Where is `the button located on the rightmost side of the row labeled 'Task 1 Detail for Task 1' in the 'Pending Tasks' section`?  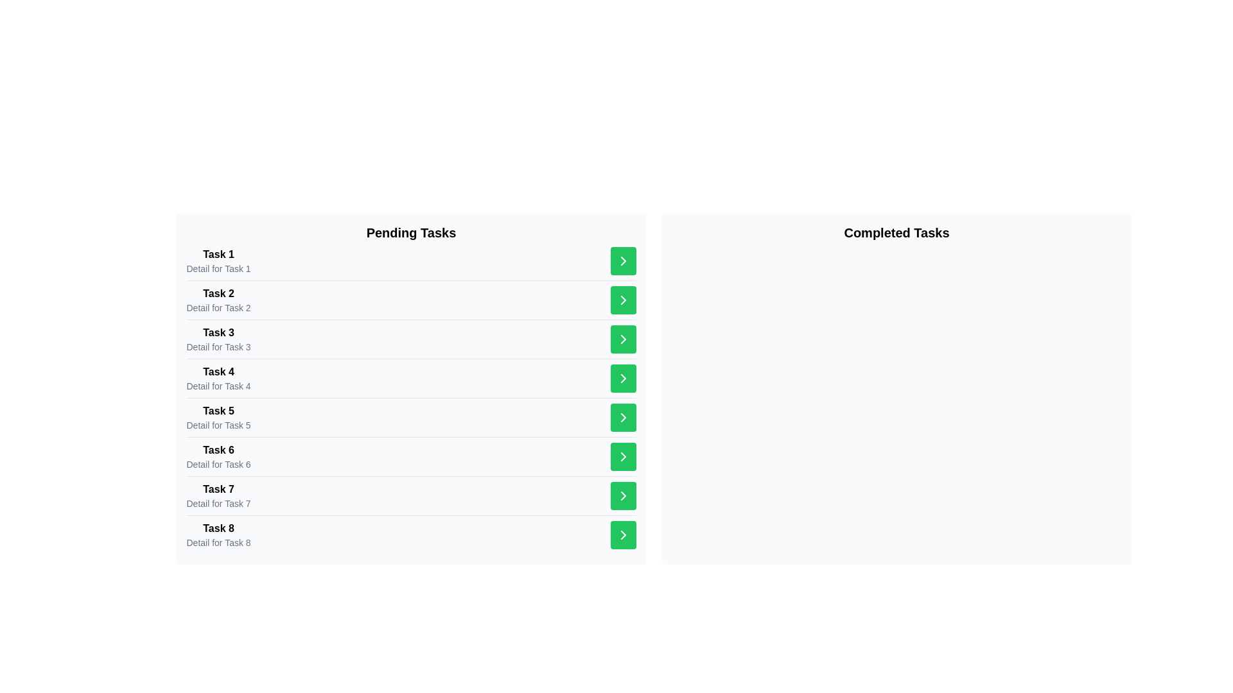 the button located on the rightmost side of the row labeled 'Task 1 Detail for Task 1' in the 'Pending Tasks' section is located at coordinates (623, 261).